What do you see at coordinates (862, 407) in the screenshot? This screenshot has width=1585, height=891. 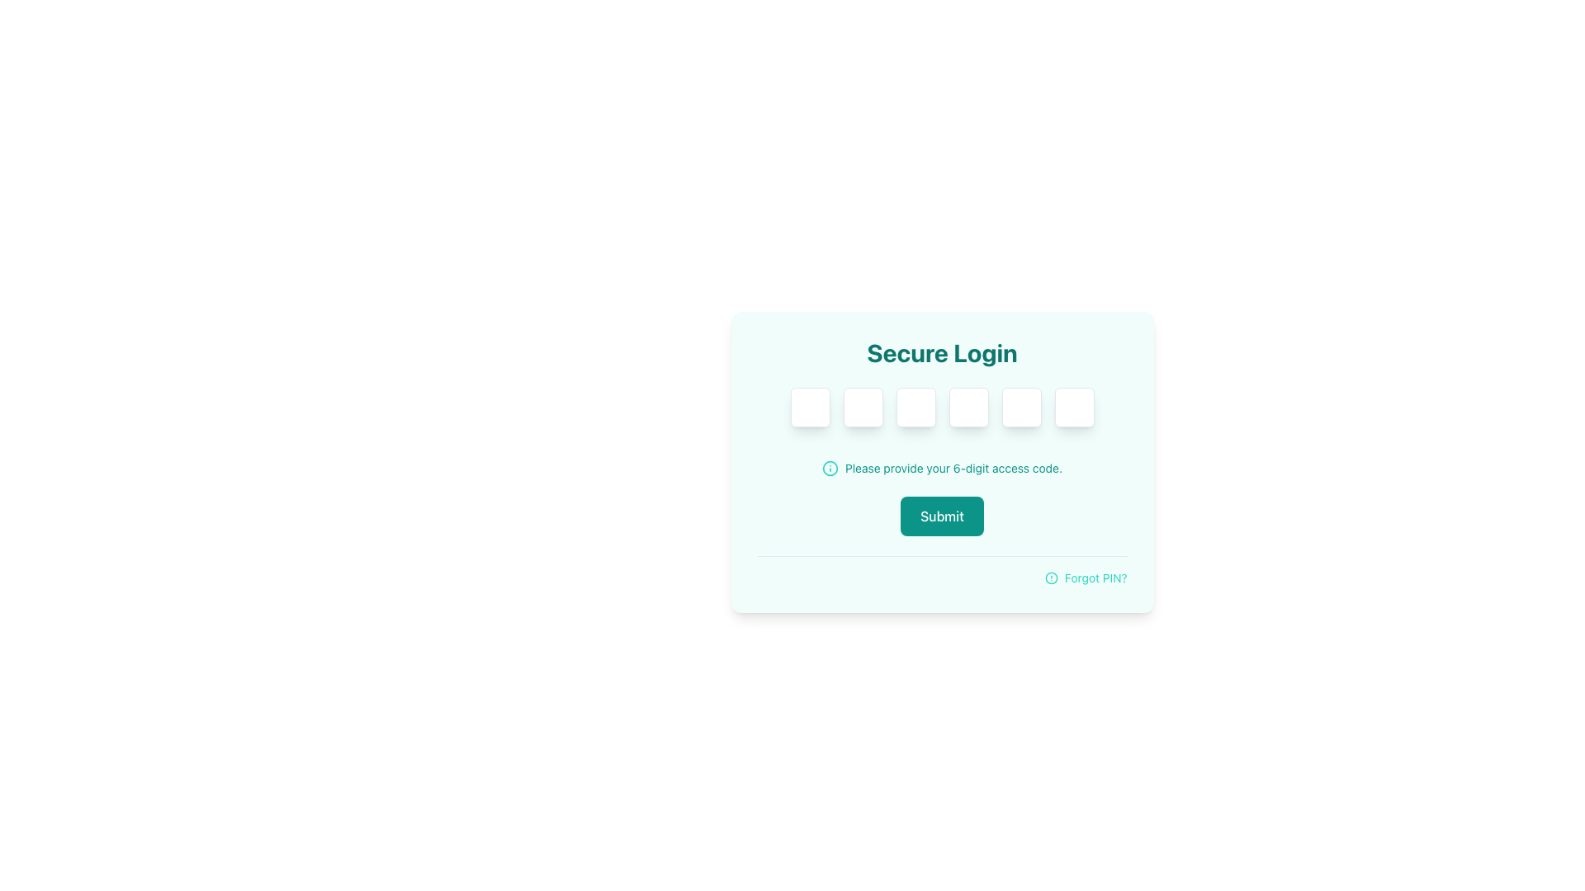 I see `the second password input field, which is a square box with a white background and rounded corners` at bounding box center [862, 407].